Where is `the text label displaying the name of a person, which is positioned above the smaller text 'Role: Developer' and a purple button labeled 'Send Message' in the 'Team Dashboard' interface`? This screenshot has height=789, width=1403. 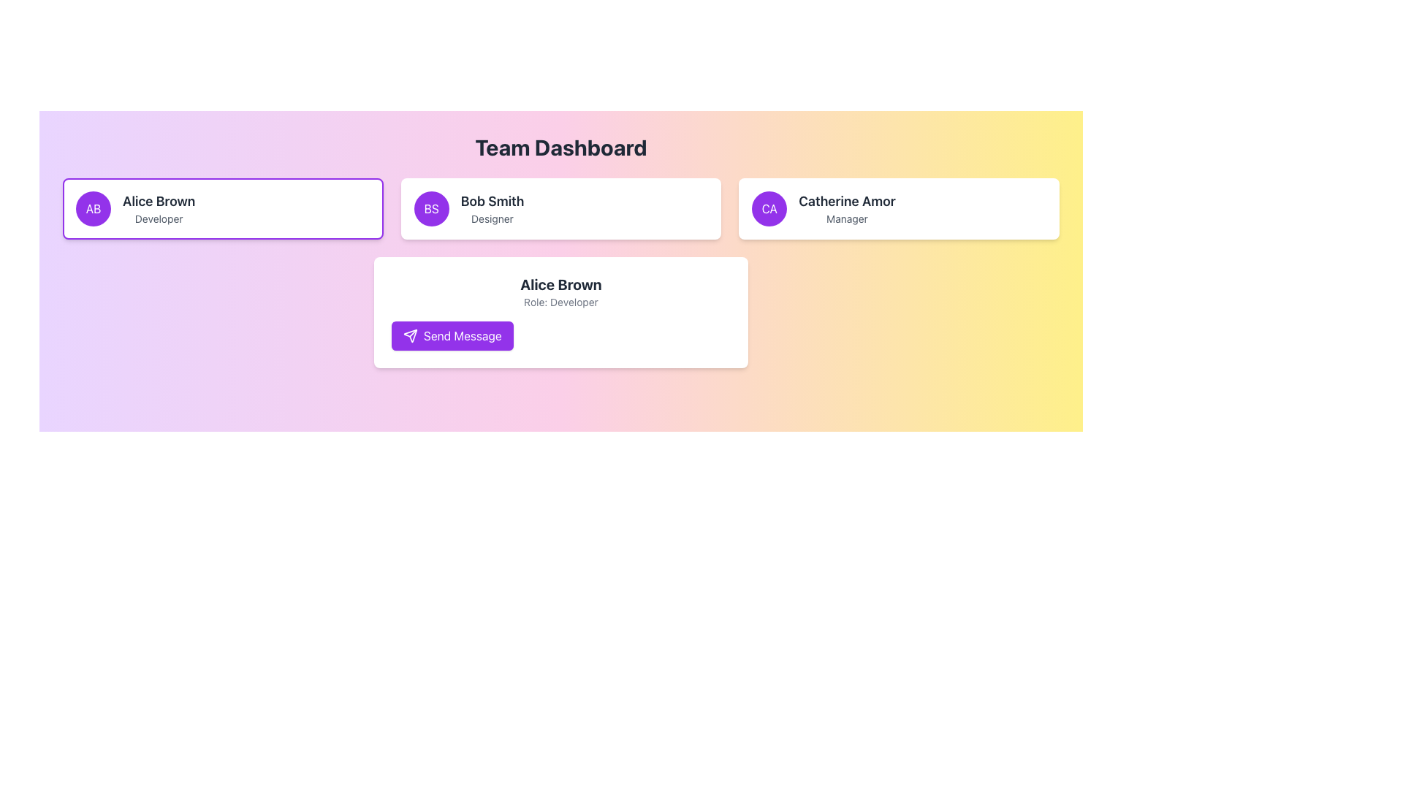 the text label displaying the name of a person, which is positioned above the smaller text 'Role: Developer' and a purple button labeled 'Send Message' in the 'Team Dashboard' interface is located at coordinates (560, 284).